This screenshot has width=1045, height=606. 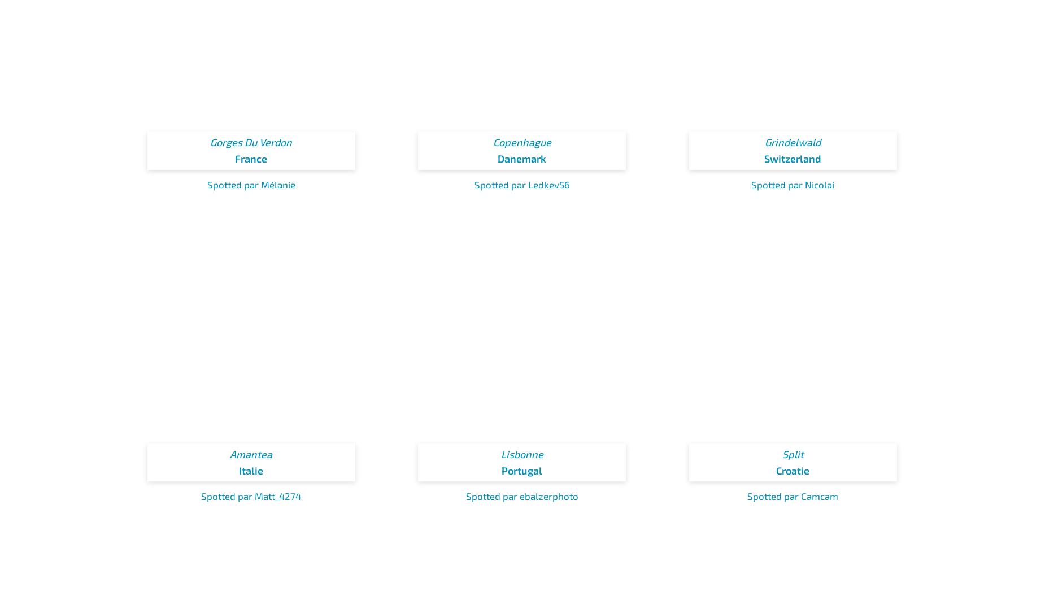 I want to click on 'Danemark', so click(x=522, y=158).